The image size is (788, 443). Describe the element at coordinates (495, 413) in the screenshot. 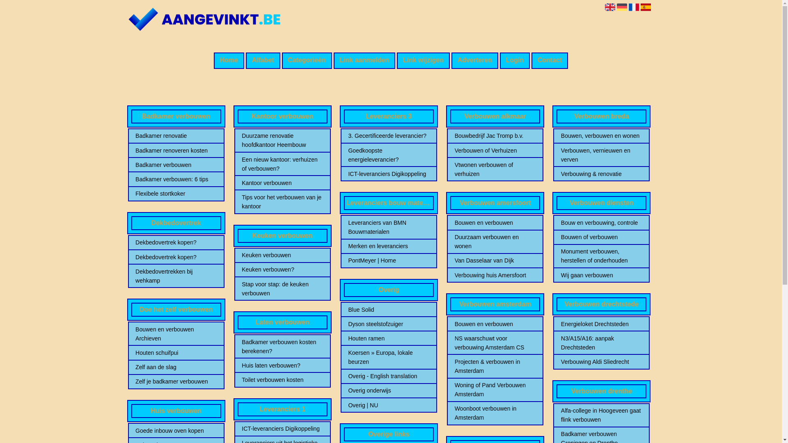

I see `'Woonboot verbouwen in Amsterdam'` at that location.